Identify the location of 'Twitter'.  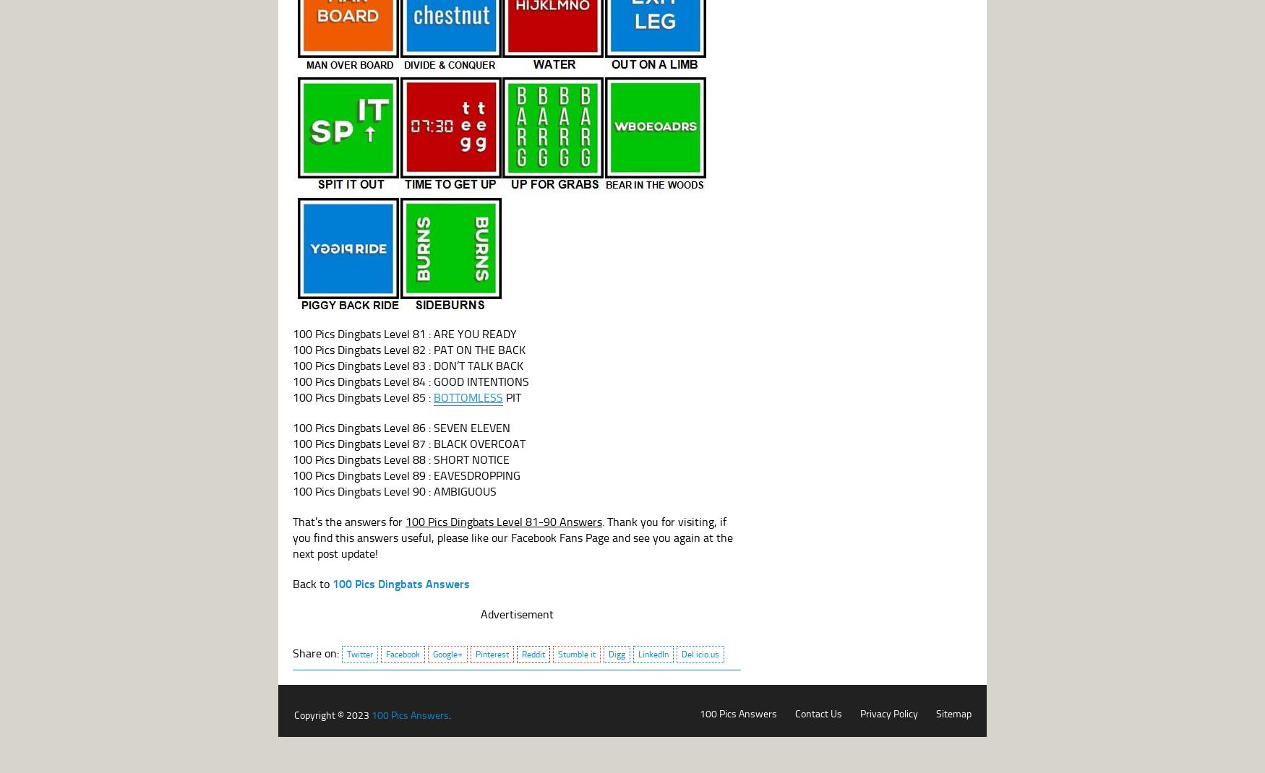
(360, 653).